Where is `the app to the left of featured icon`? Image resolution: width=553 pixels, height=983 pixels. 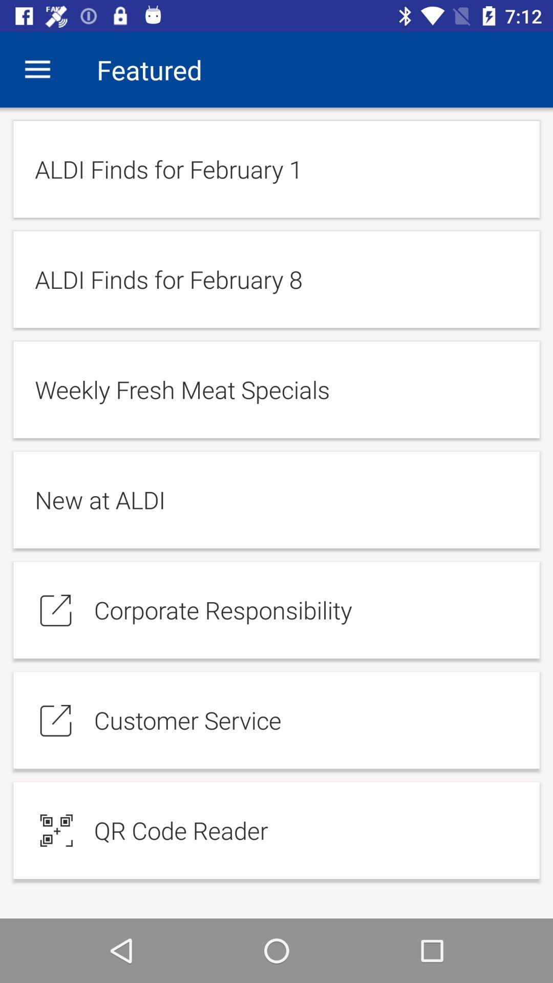 the app to the left of featured icon is located at coordinates (37, 69).